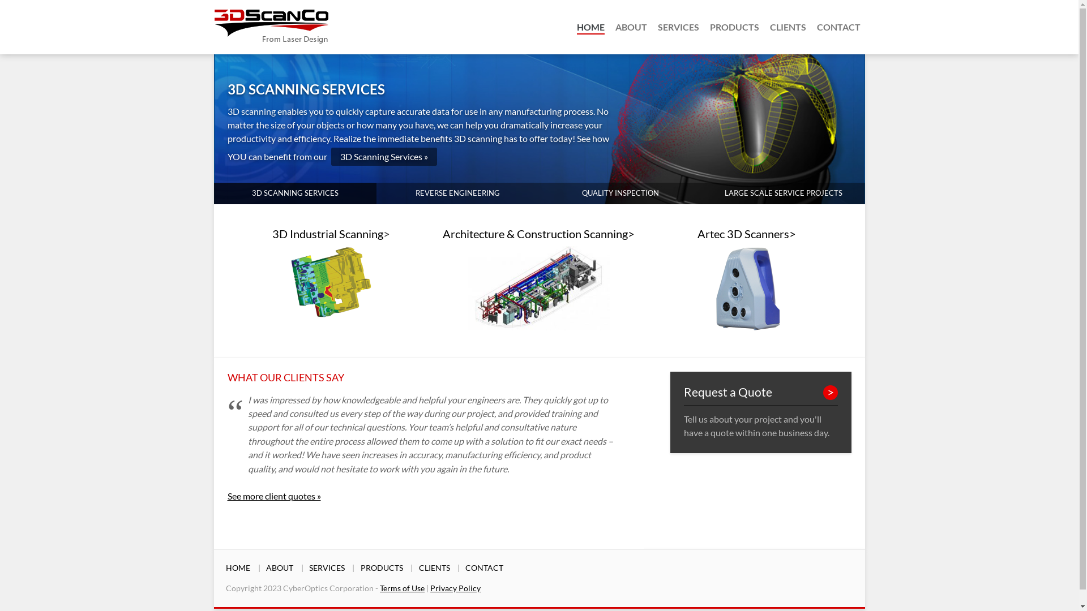 The image size is (1087, 611). Describe the element at coordinates (326, 567) in the screenshot. I see `'SERVICES'` at that location.